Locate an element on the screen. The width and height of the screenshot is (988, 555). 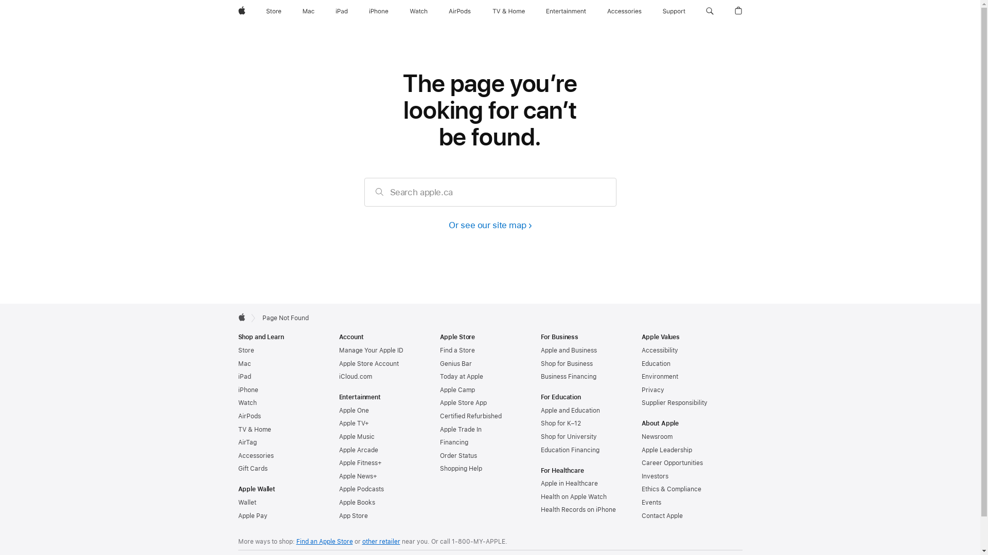
'Apple and Education' is located at coordinates (569, 410).